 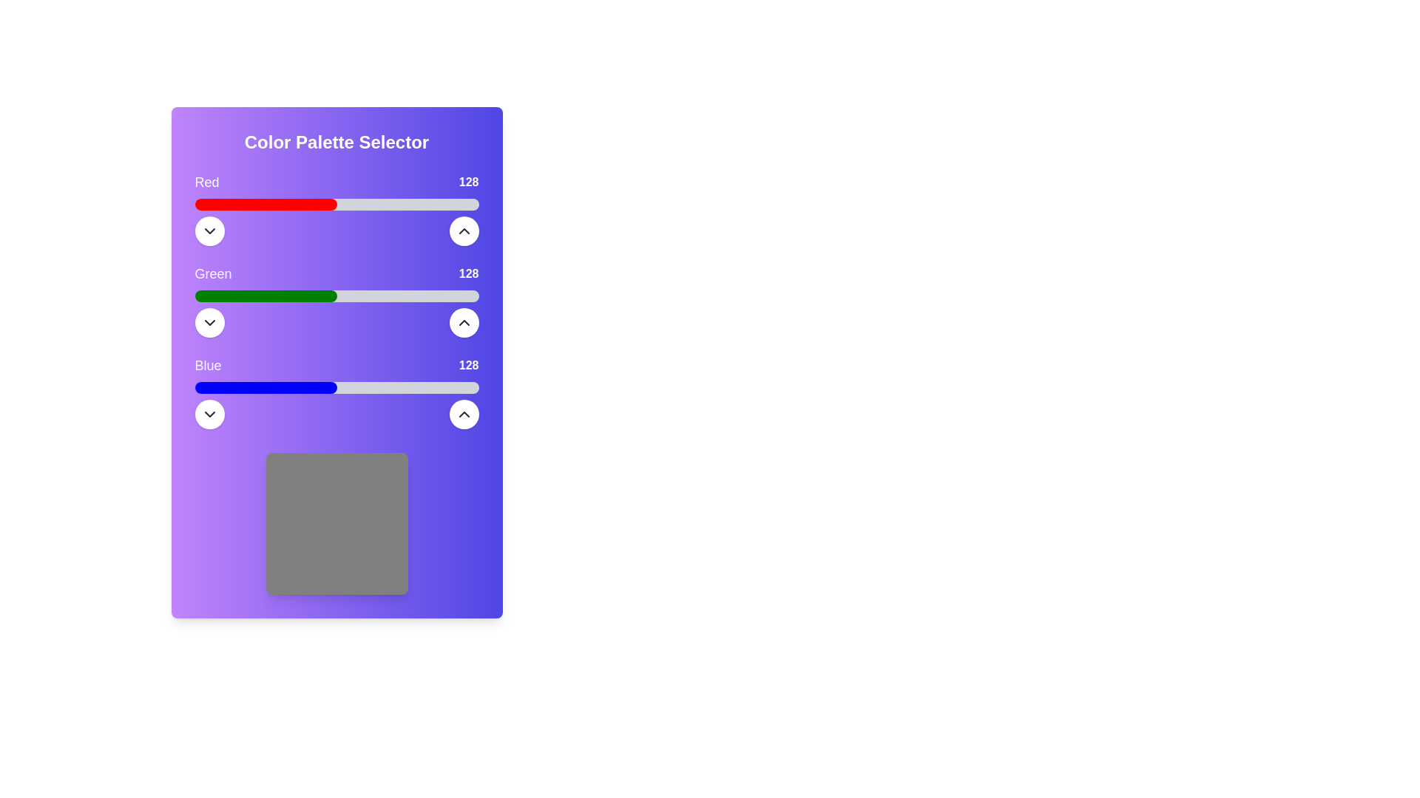 What do you see at coordinates (209, 231) in the screenshot?
I see `the circular toggle icon located to the left of the 'Red' slider in the Color Palette Selector interface` at bounding box center [209, 231].